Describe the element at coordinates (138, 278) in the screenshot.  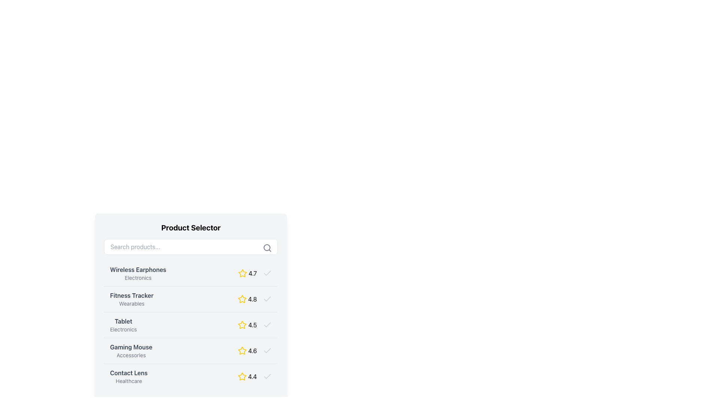
I see `text from the Text Label indicating that 'Wireless Earphones' belong to the 'Electronics' category, located below the title 'Wireless Earphones'` at that location.